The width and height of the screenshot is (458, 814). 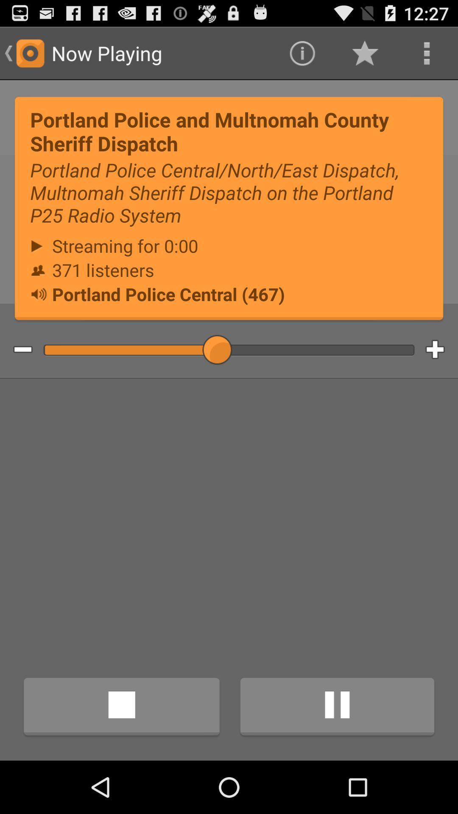 I want to click on decrease the volume, so click(x=16, y=350).